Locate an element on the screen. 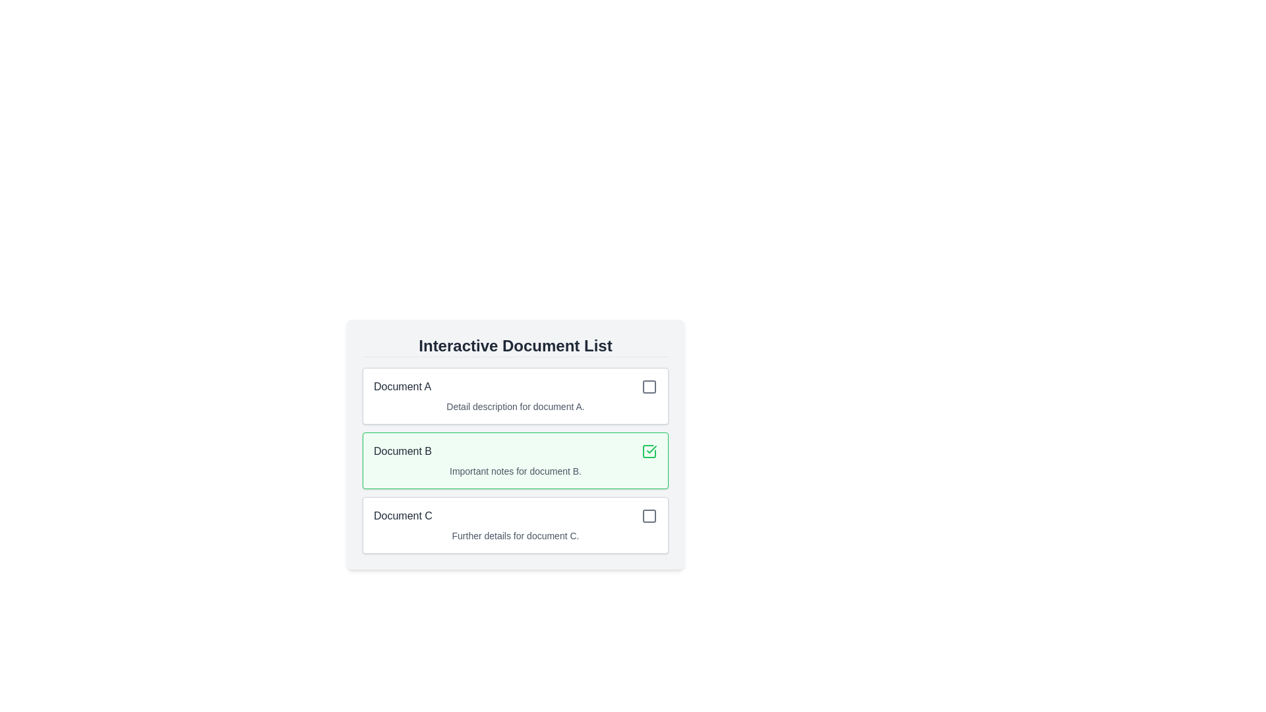 The width and height of the screenshot is (1266, 712). the header text of the Interactive Document List is located at coordinates (515, 345).